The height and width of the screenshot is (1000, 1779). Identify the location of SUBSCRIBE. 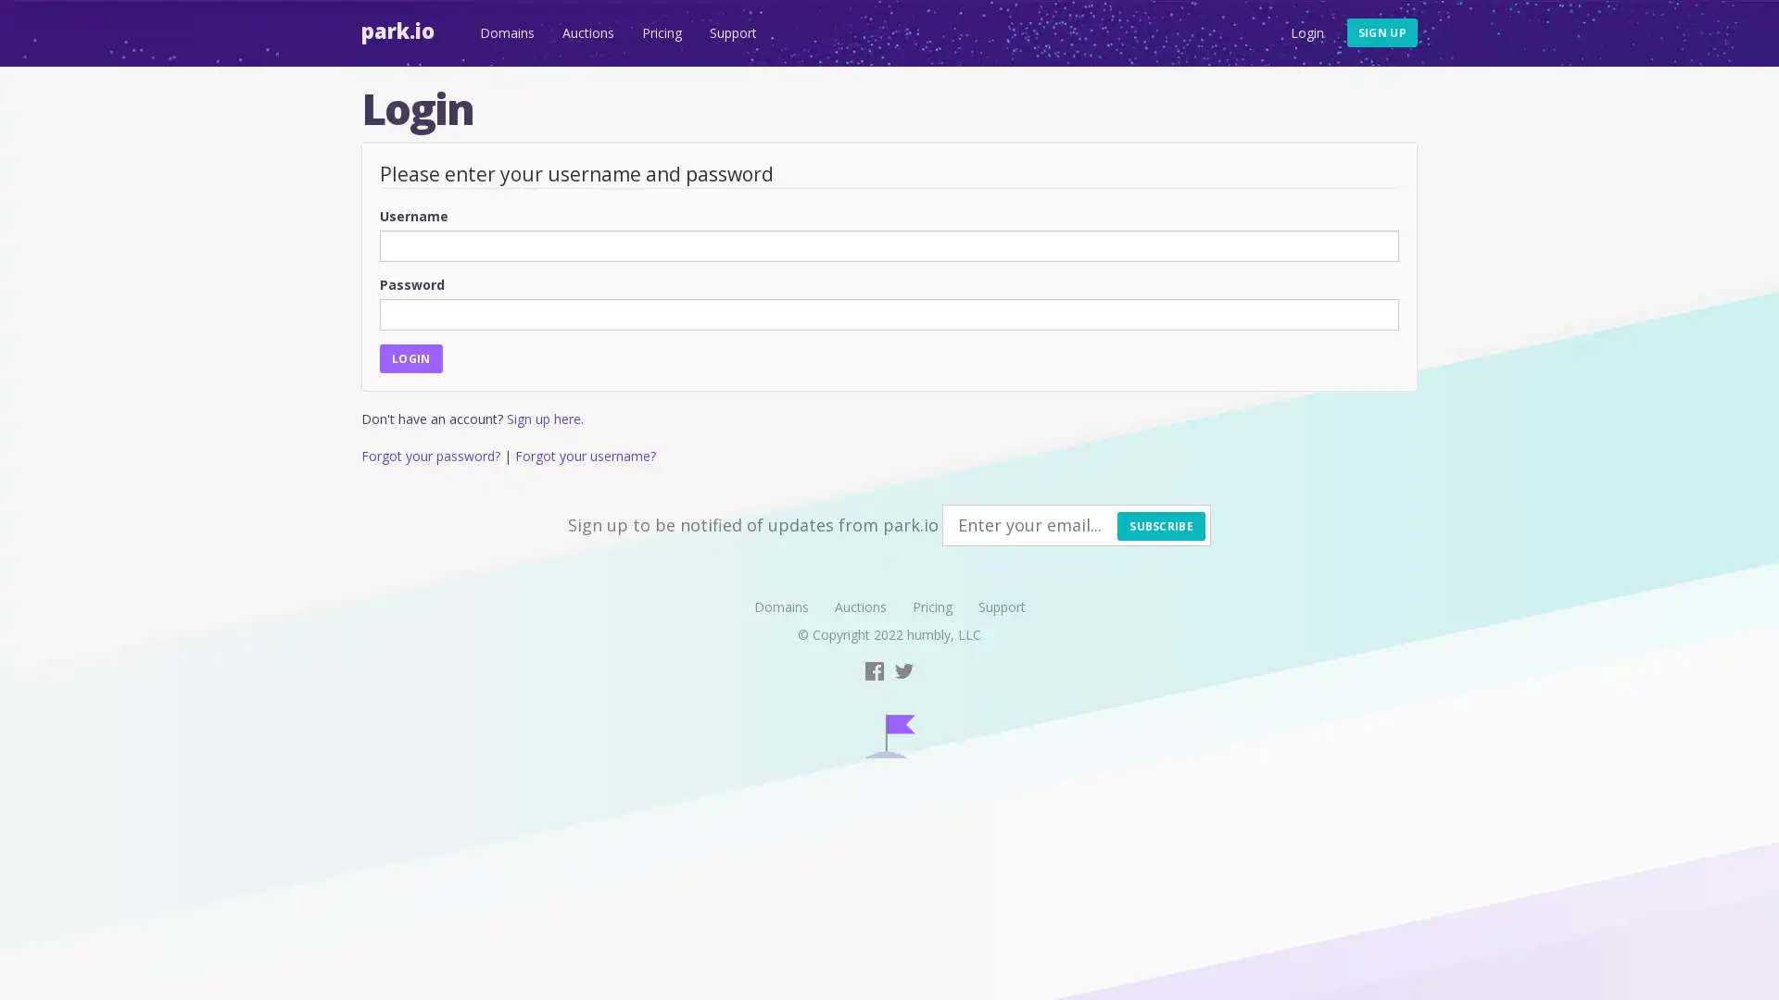
(1160, 525).